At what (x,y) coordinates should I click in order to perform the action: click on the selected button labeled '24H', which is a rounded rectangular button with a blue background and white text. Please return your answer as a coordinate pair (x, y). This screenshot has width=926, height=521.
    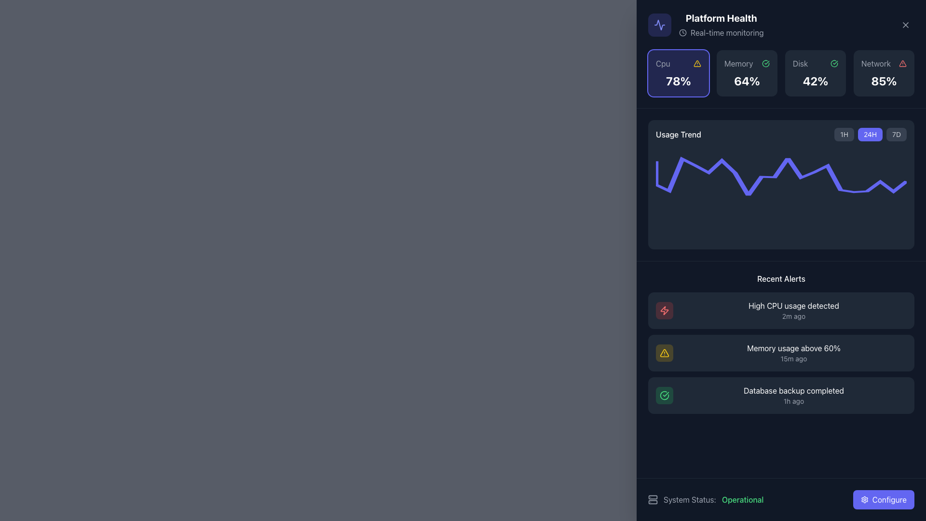
    Looking at the image, I should click on (871, 134).